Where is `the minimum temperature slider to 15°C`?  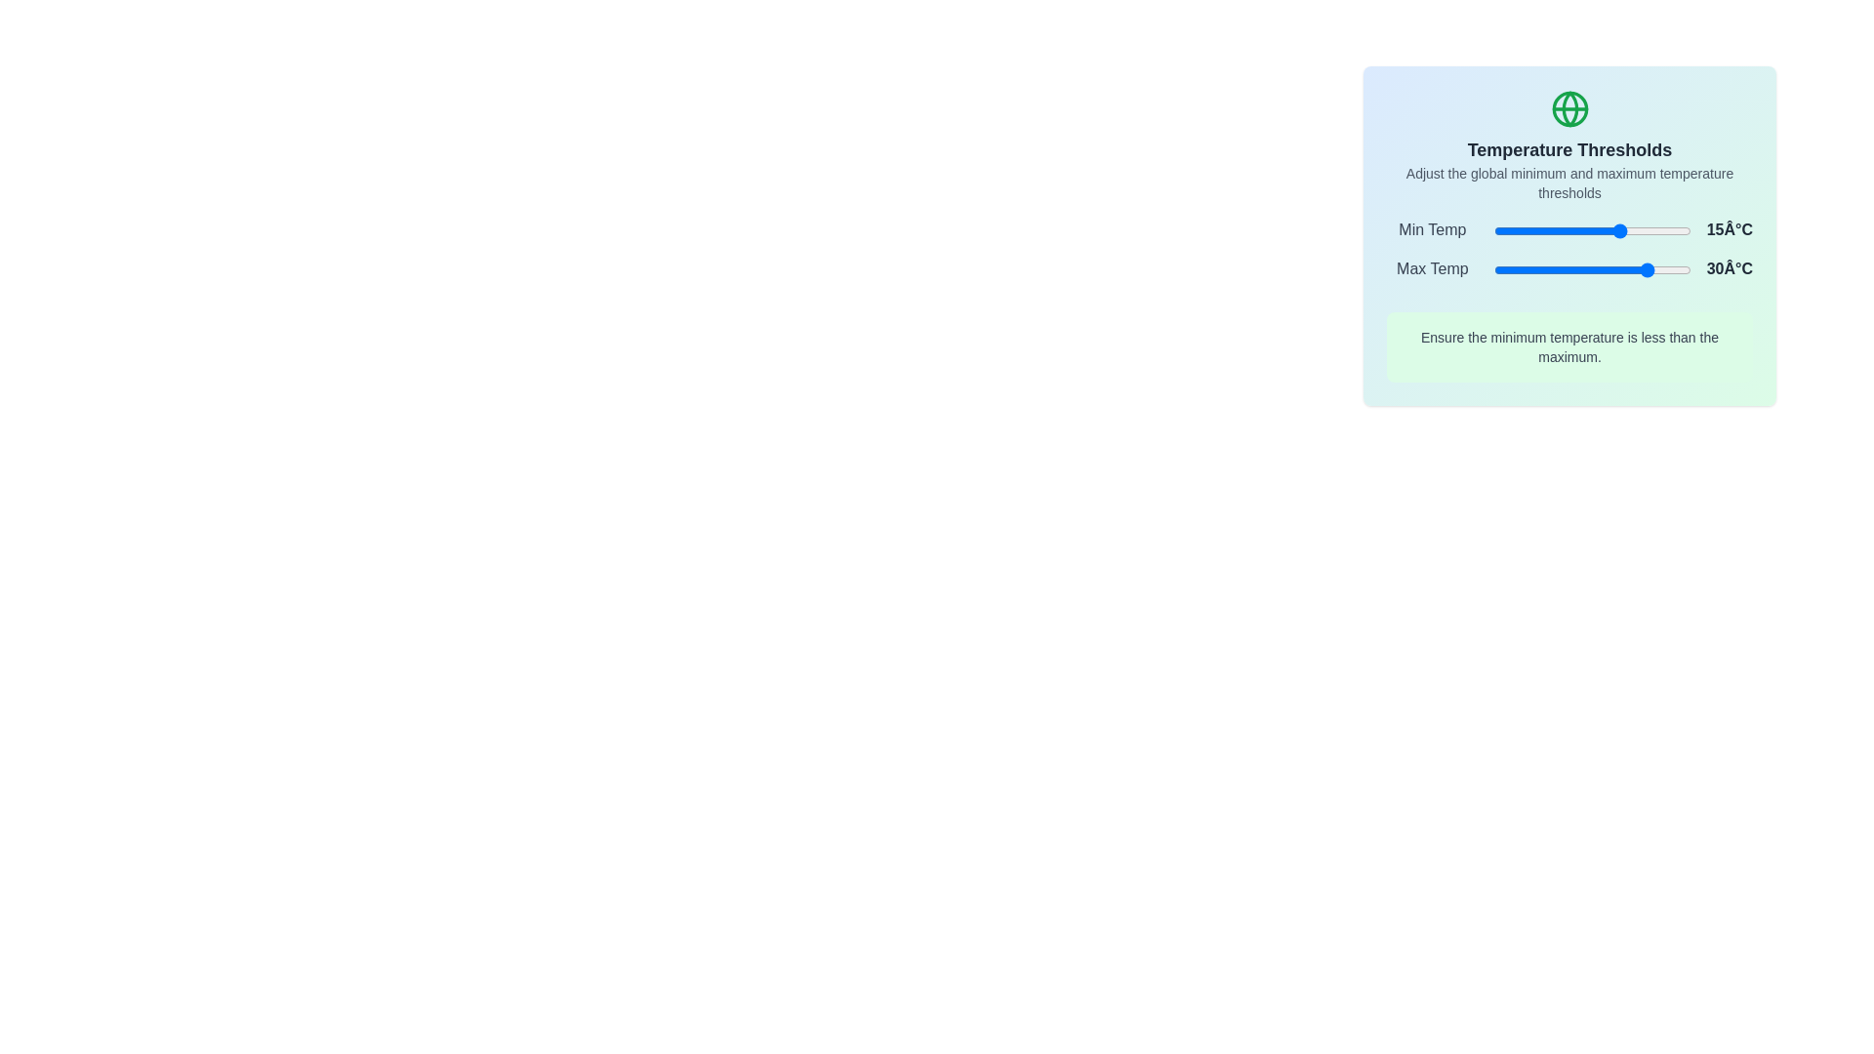
the minimum temperature slider to 15°C is located at coordinates (1621, 229).